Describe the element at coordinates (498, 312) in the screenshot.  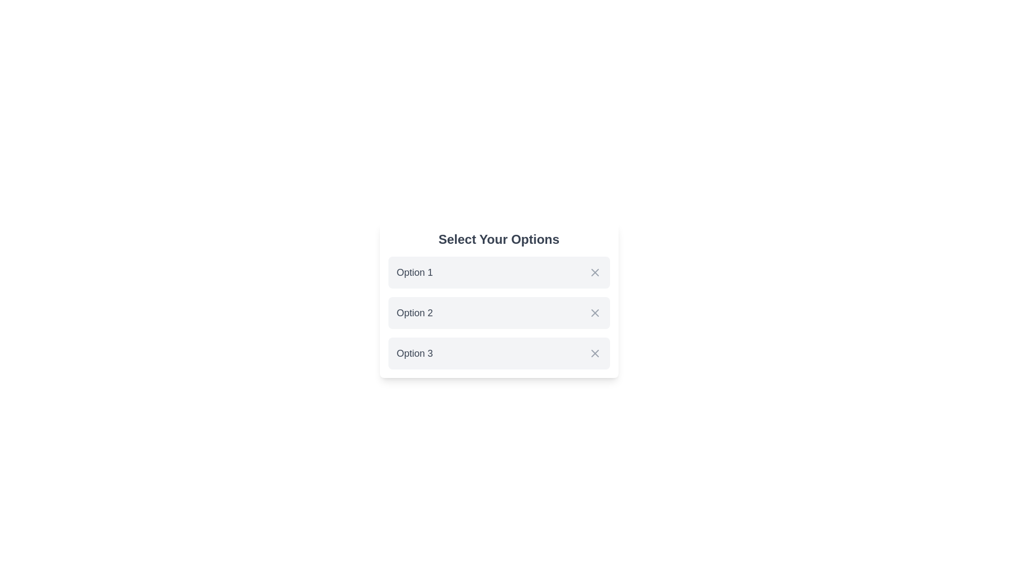
I see `the second item in the list, which contains an action icon` at that location.